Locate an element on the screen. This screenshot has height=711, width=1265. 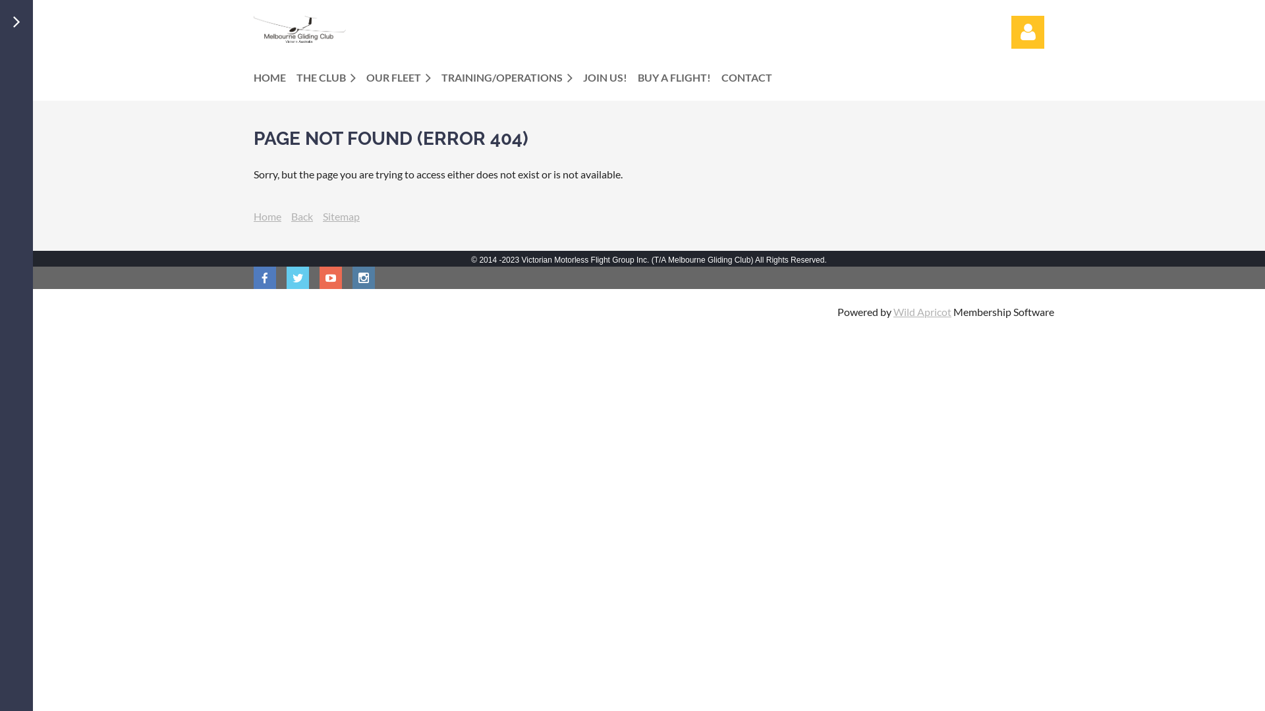
'Home' is located at coordinates (267, 215).